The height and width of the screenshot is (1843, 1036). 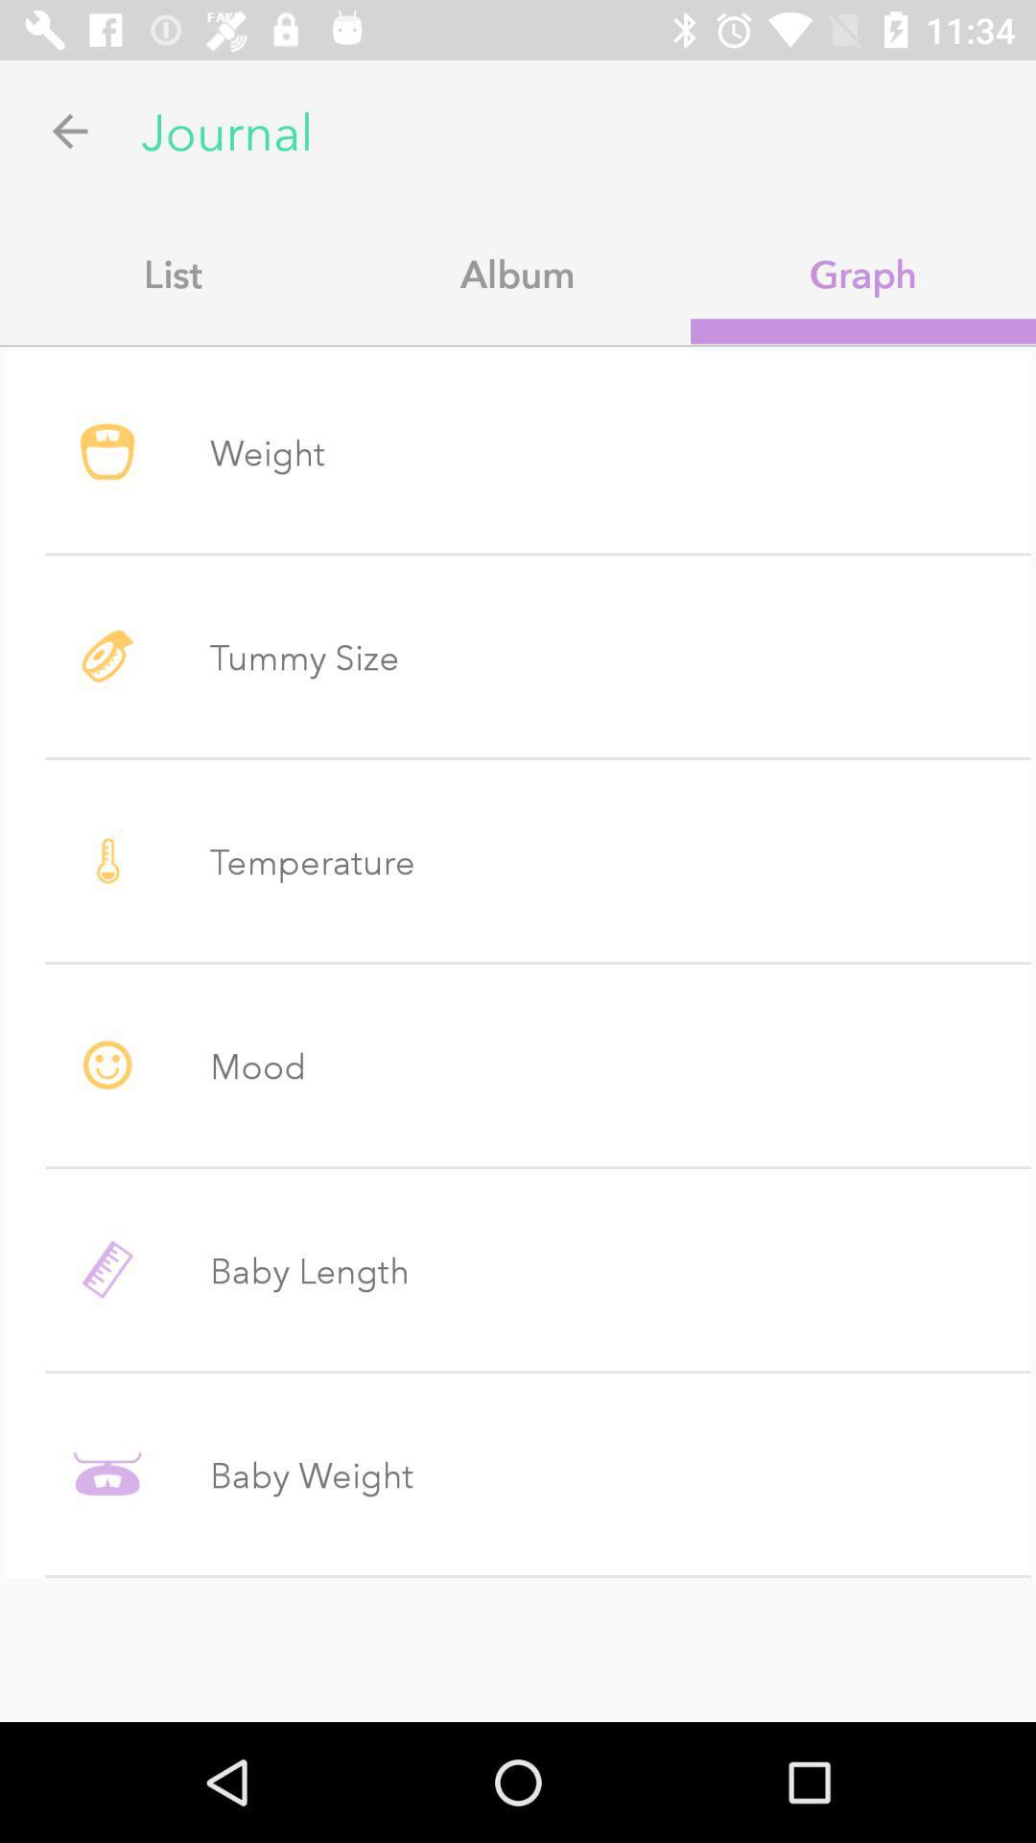 I want to click on album app, so click(x=518, y=273).